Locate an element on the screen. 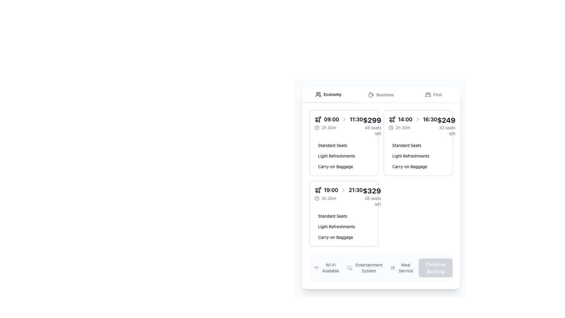 The width and height of the screenshot is (565, 318). the flight services icon located to the left of the '19:00' text, which is part of the '19:00 - 21:30' flight time information display is located at coordinates (318, 190).